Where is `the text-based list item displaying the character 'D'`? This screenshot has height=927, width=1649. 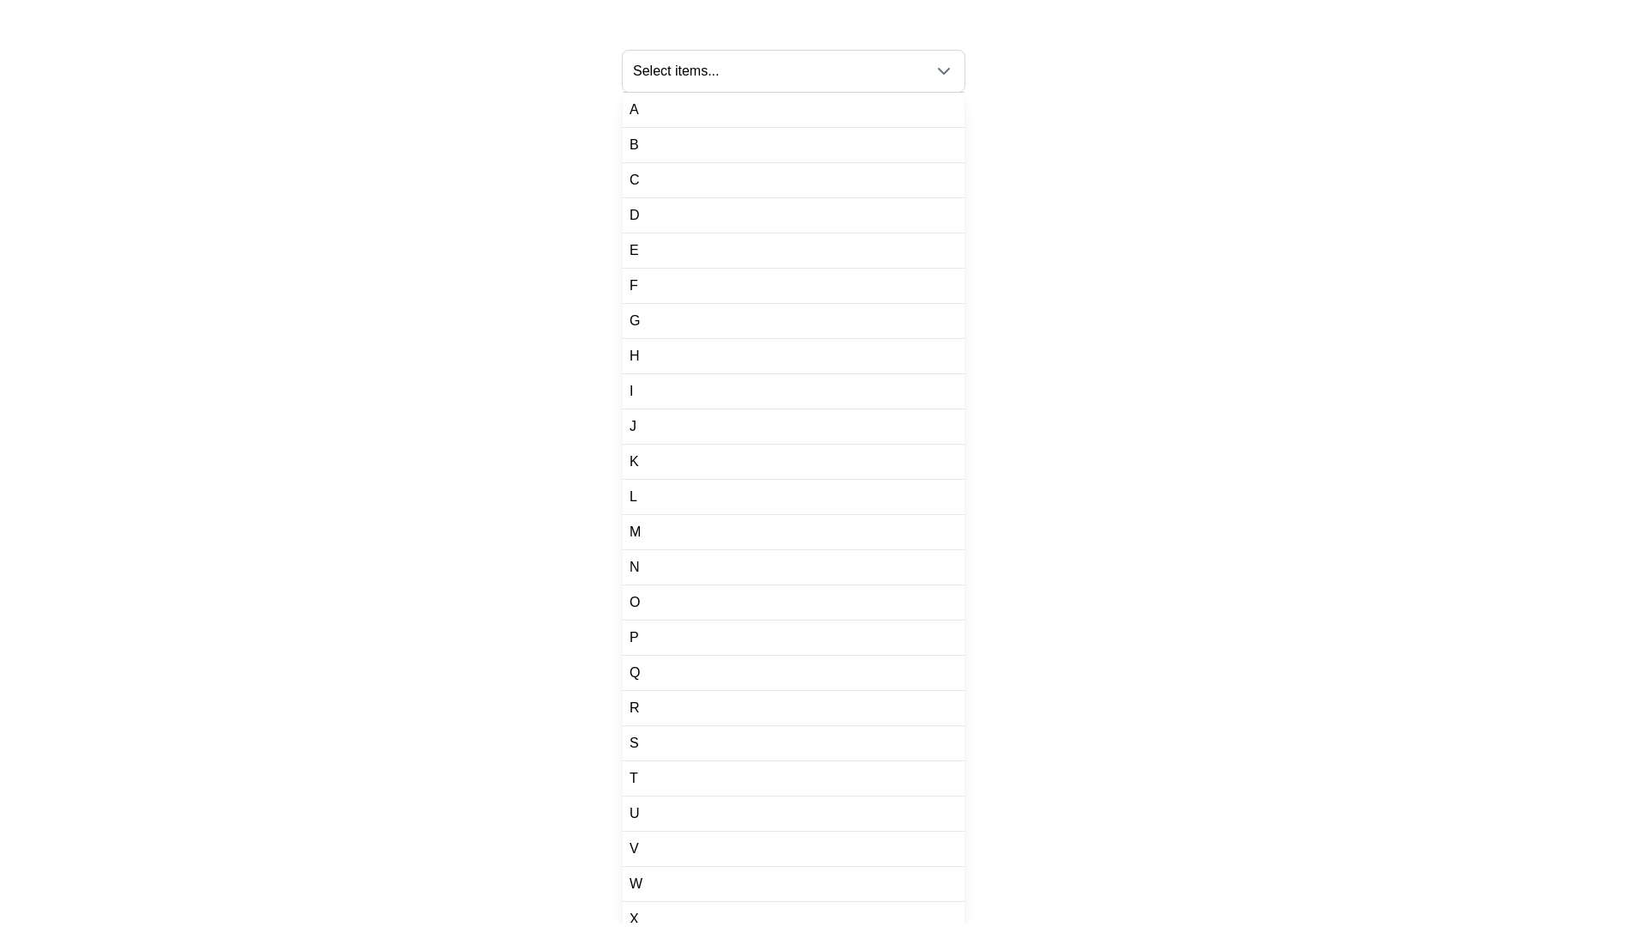 the text-based list item displaying the character 'D' is located at coordinates (633, 214).